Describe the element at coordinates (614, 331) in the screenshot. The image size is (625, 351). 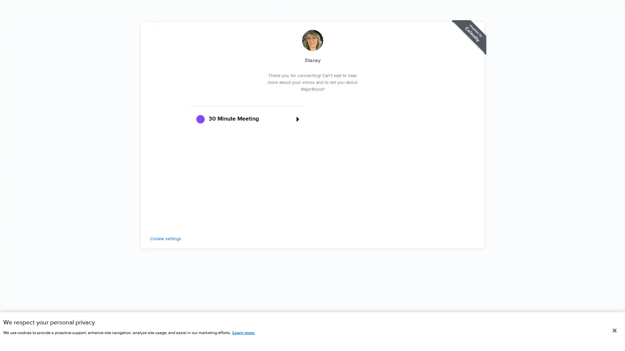
I see `Close` at that location.